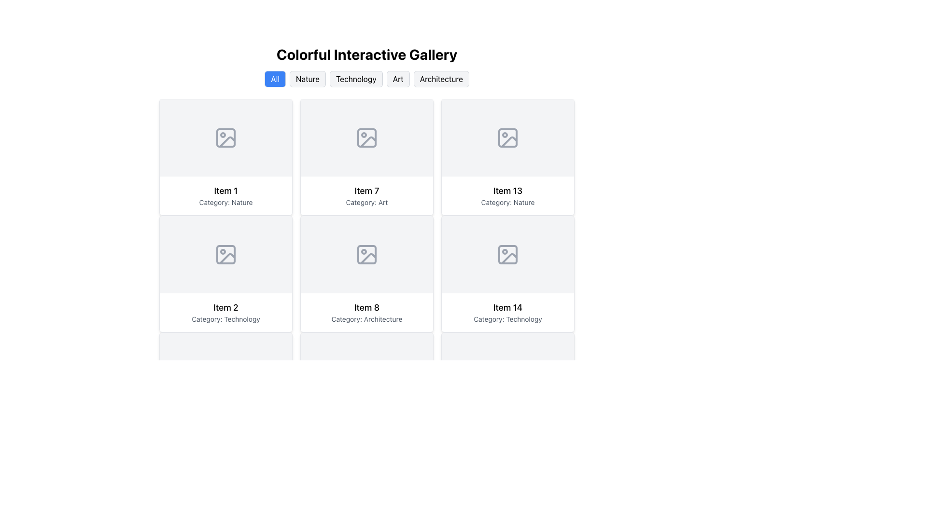 The image size is (927, 521). What do you see at coordinates (507, 307) in the screenshot?
I see `the Text Label that serves as the title or label for its respective card, positioned at the top-center within the card in the second row and third column` at bounding box center [507, 307].